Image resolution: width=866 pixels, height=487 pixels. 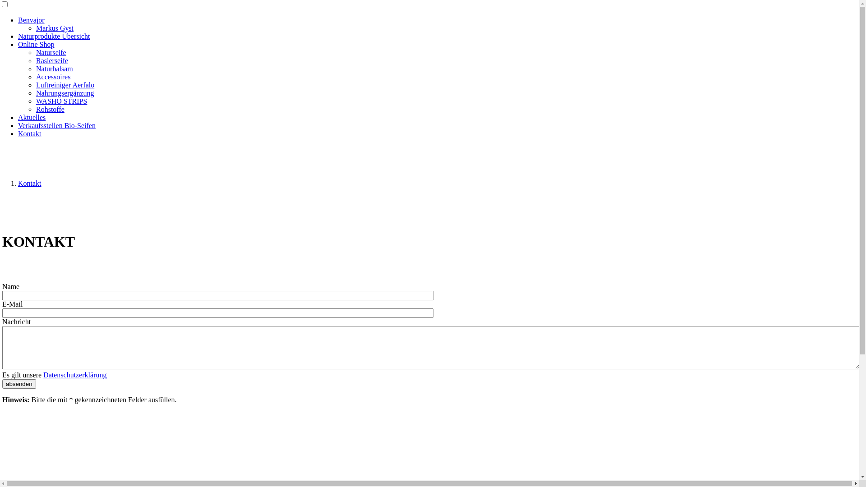 I want to click on 'Online Shop', so click(x=36, y=44).